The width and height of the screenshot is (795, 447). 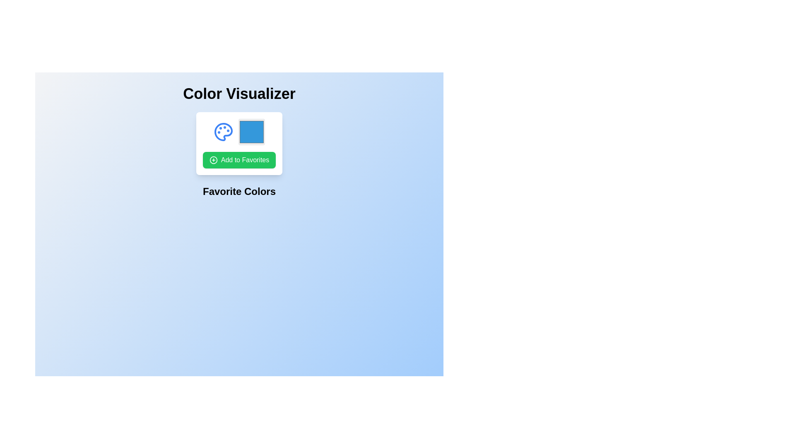 I want to click on the 'Add to Favorites' button, which is a rectangular button with a green background and white text, located at the bottom of a card layout, so click(x=238, y=160).